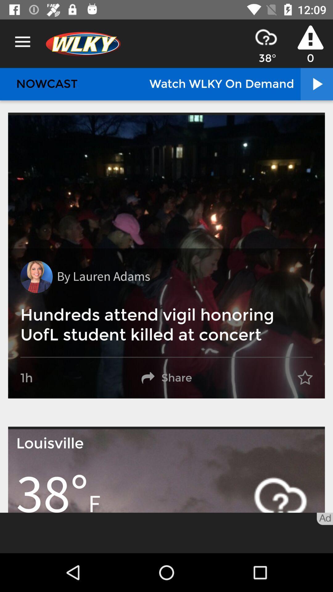 The image size is (333, 592). What do you see at coordinates (316, 84) in the screenshot?
I see `play icon above image` at bounding box center [316, 84].